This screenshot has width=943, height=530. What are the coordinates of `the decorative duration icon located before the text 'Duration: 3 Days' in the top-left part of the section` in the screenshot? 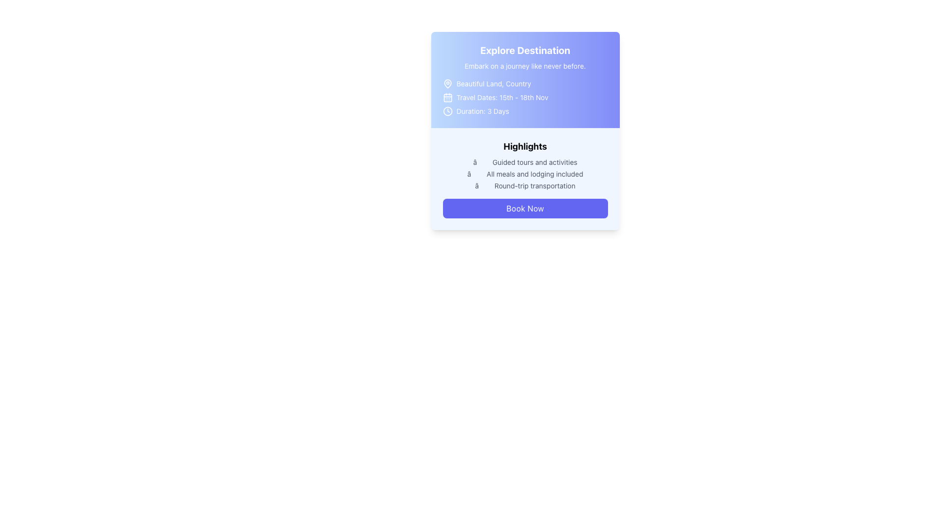 It's located at (447, 111).